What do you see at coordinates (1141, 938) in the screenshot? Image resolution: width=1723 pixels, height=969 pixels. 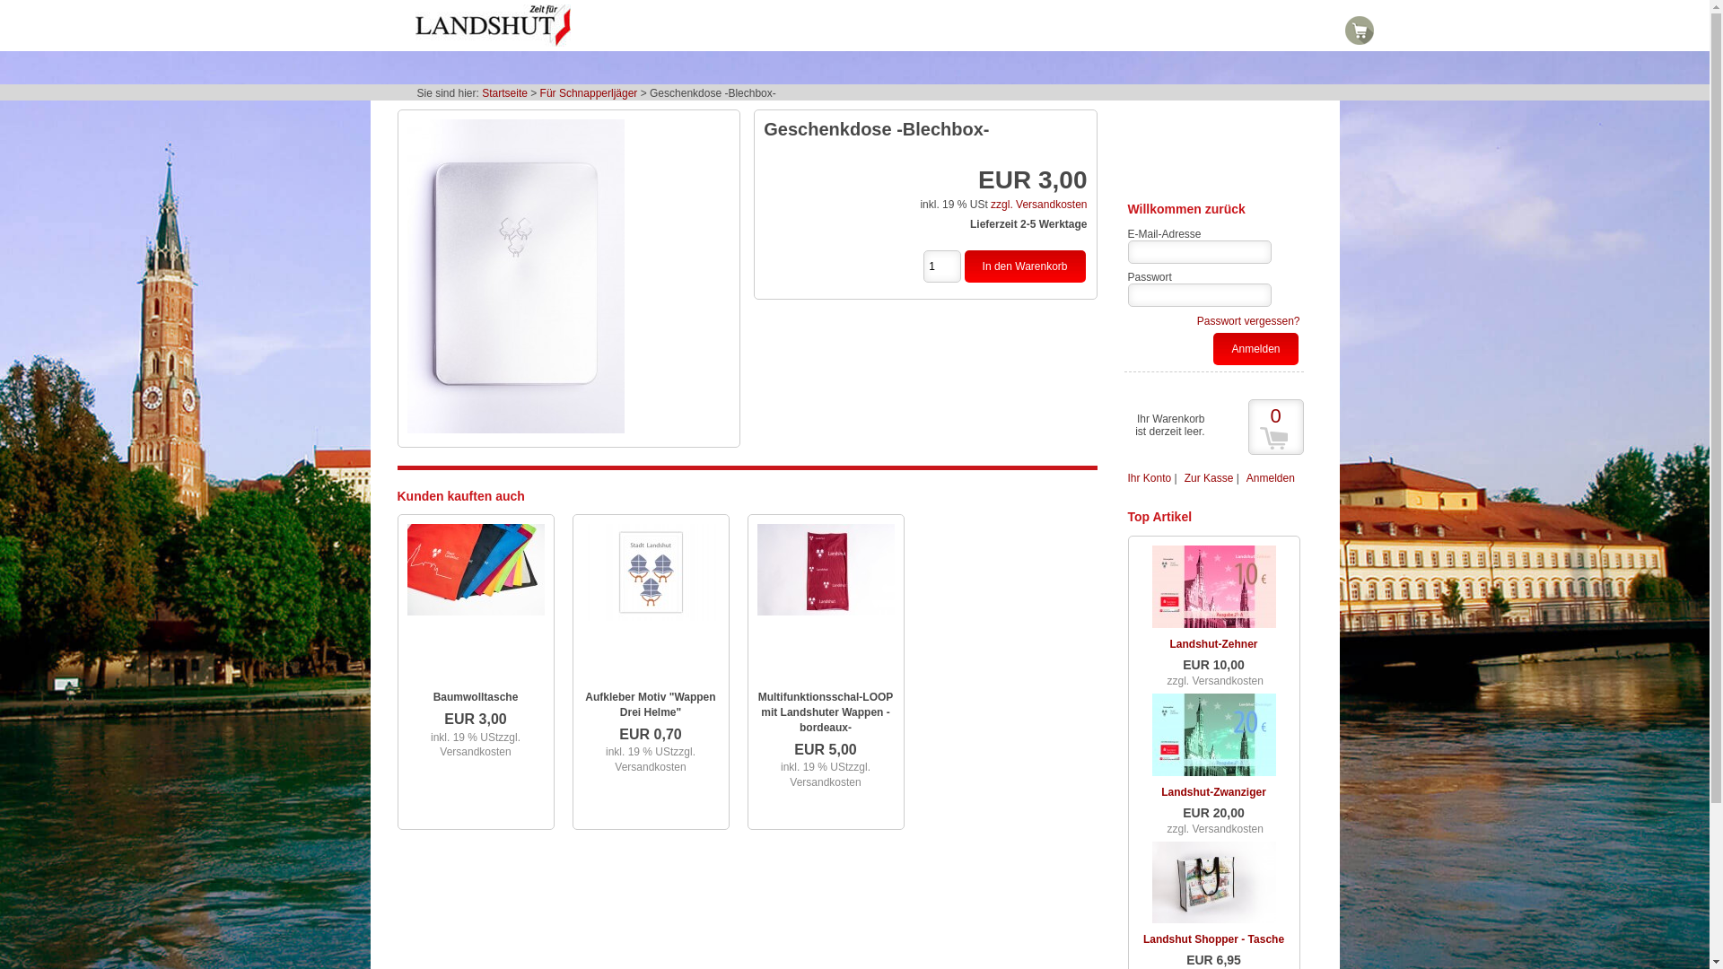 I see `'Landshut Shopper - Tasche'` at bounding box center [1141, 938].